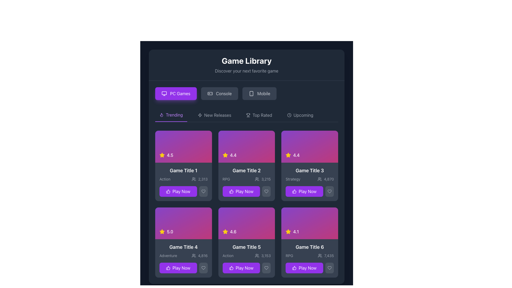  What do you see at coordinates (164, 93) in the screenshot?
I see `the 'PC Games' button, which contains the icon on its far left, enhancing user understanding of its purpose` at bounding box center [164, 93].